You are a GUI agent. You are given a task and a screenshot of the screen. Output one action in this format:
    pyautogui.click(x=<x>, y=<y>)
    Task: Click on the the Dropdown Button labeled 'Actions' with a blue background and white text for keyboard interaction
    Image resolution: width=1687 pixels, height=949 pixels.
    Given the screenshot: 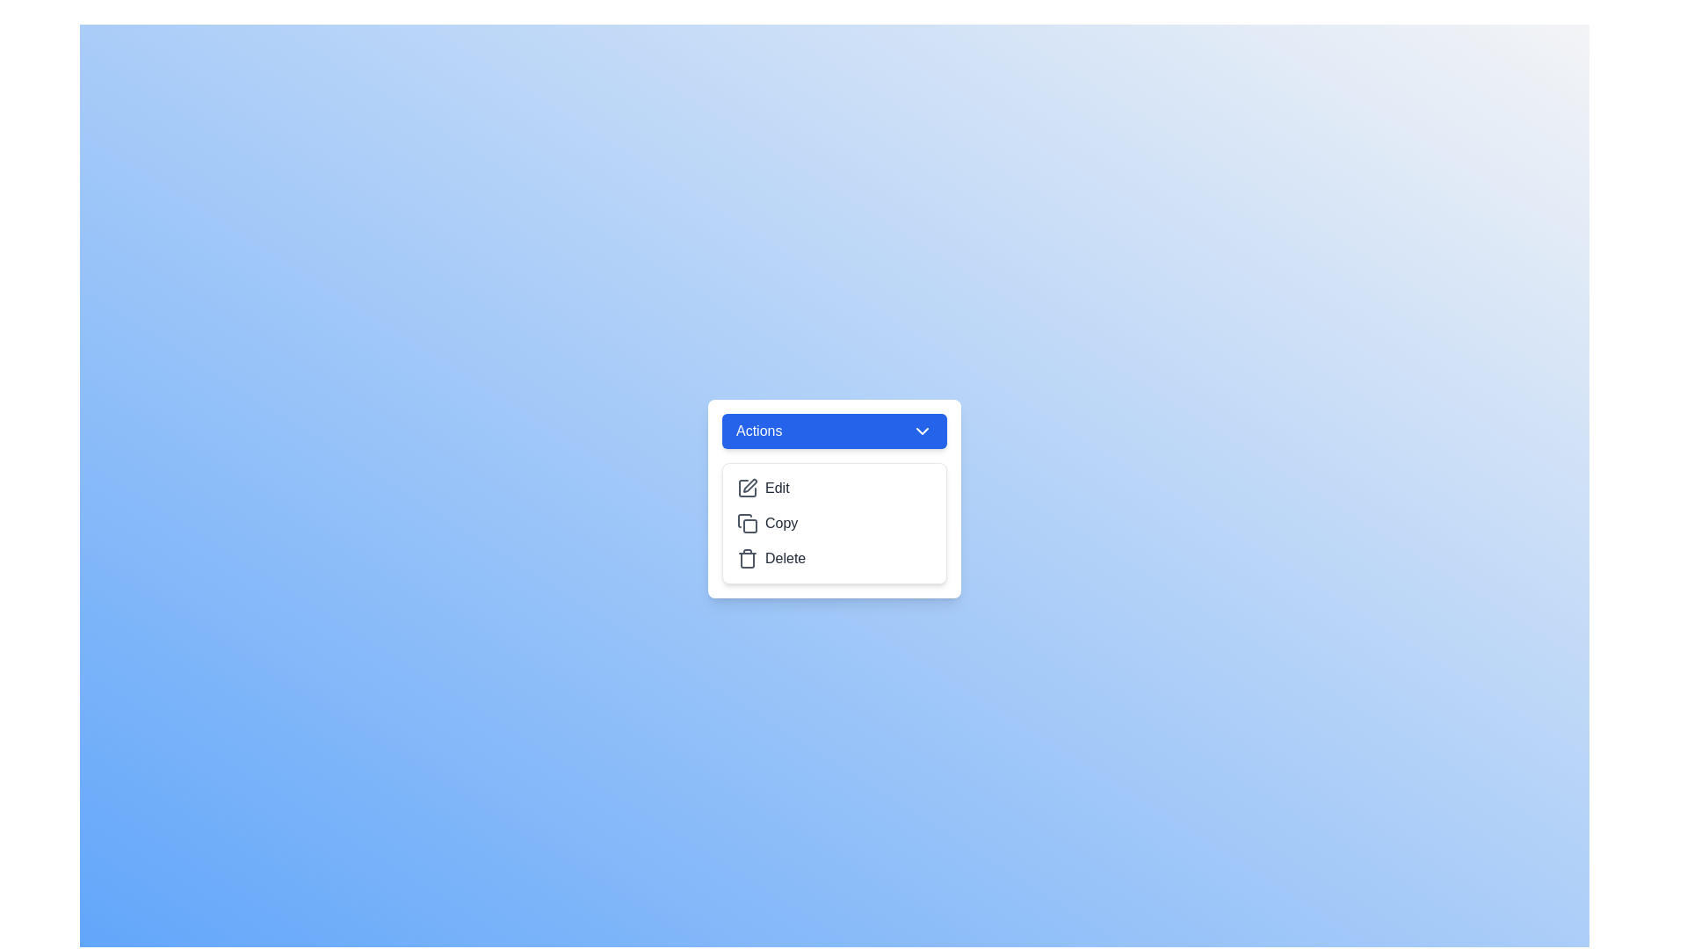 What is the action you would take?
    pyautogui.click(x=834, y=431)
    